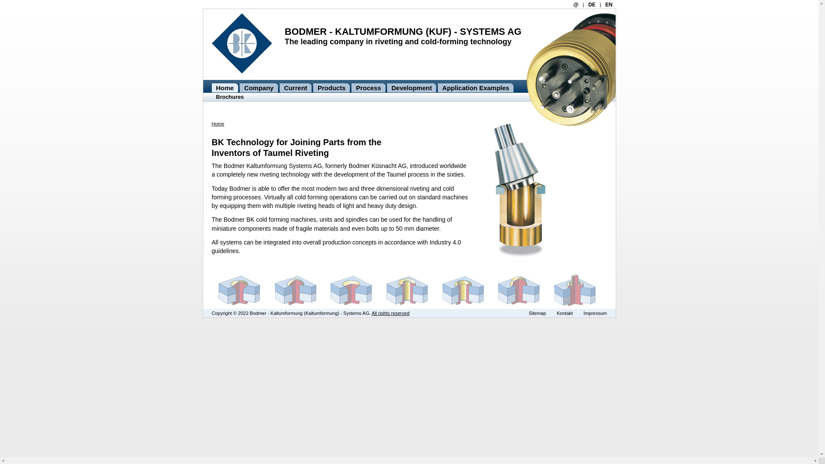 Image resolution: width=825 pixels, height=464 pixels. What do you see at coordinates (595, 313) in the screenshot?
I see `'Impressum'` at bounding box center [595, 313].